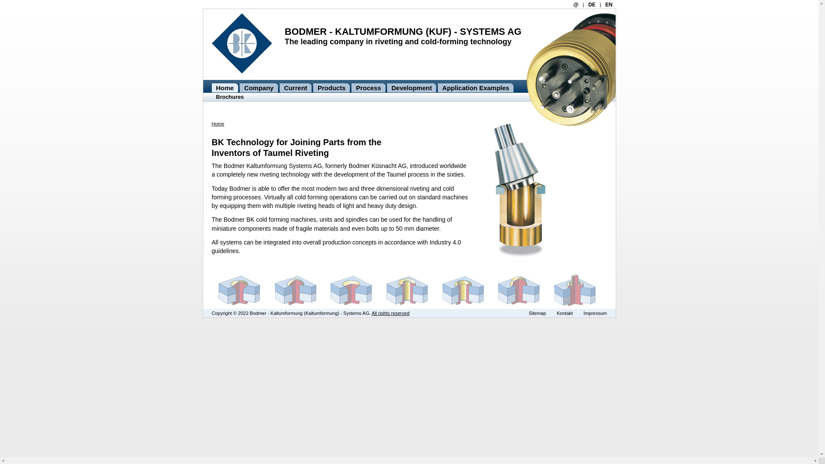 Image resolution: width=825 pixels, height=464 pixels. What do you see at coordinates (595, 313) in the screenshot?
I see `'Impressum'` at bounding box center [595, 313].